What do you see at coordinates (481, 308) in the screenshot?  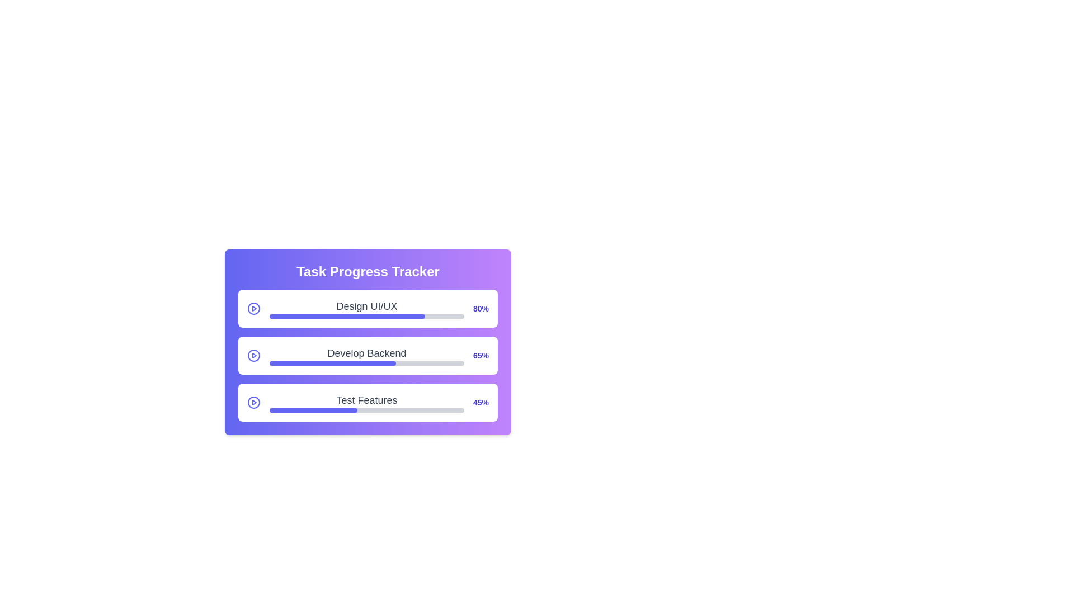 I see `the text label displaying '80%' in bold indigo font, which is part of the progress indicator for the task 'Design UI/UX'` at bounding box center [481, 308].